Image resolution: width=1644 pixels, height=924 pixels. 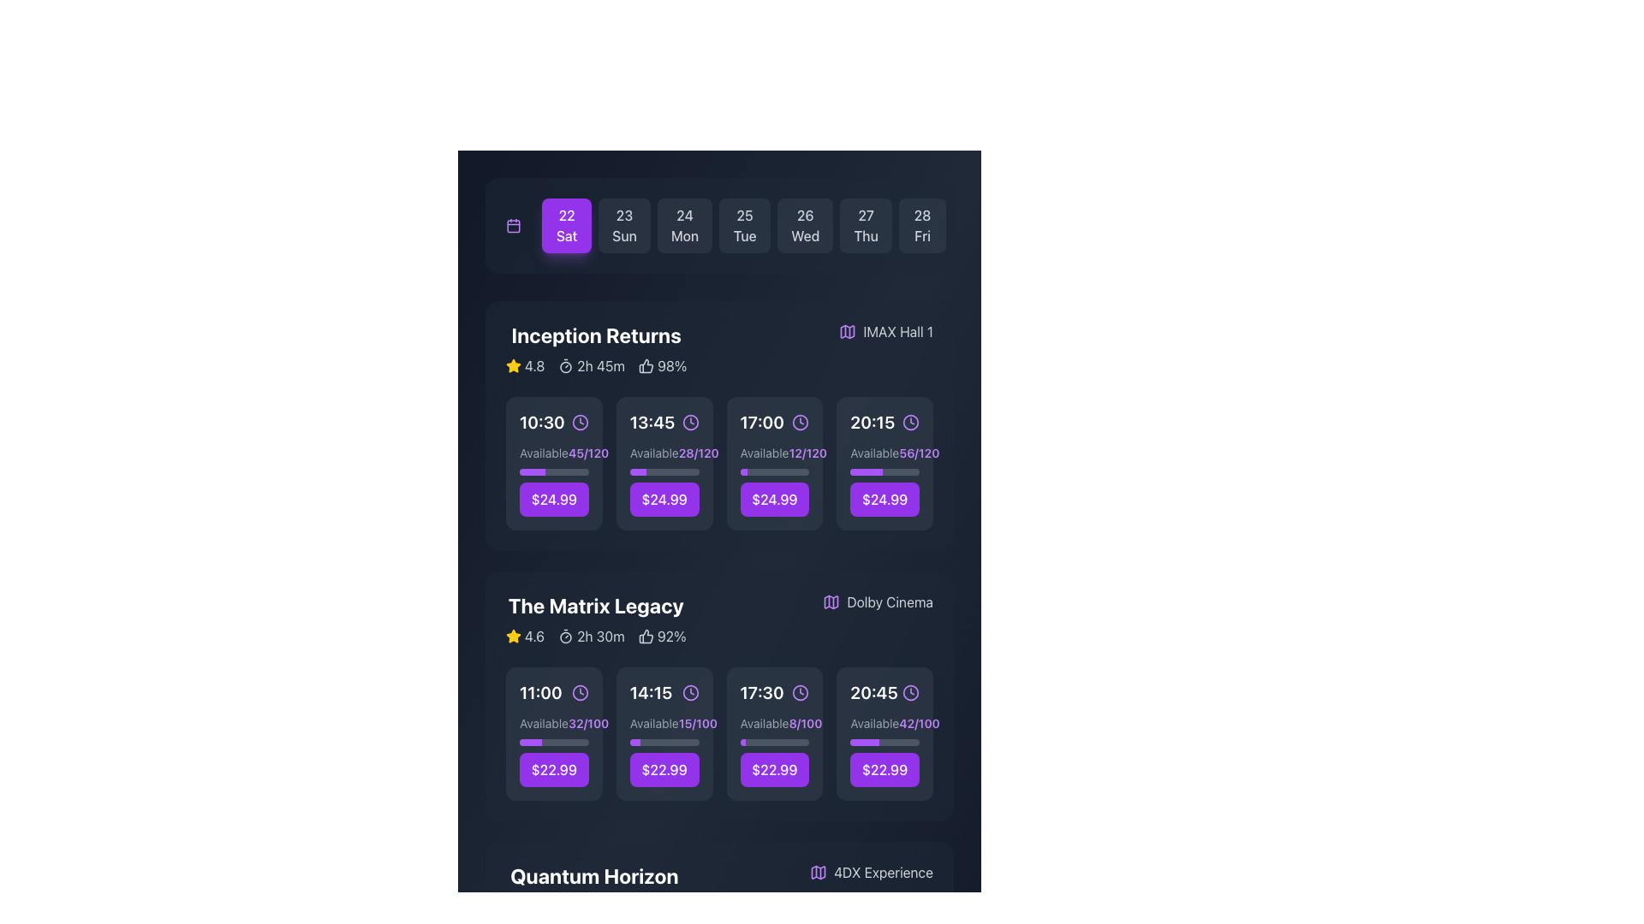 I want to click on the 'Select Seats' button, which is a purple button with white text located near the bottom right of the card for the 20:15 showtime of 'Inception Returns' in IMAX Hall 1, so click(x=892, y=464).